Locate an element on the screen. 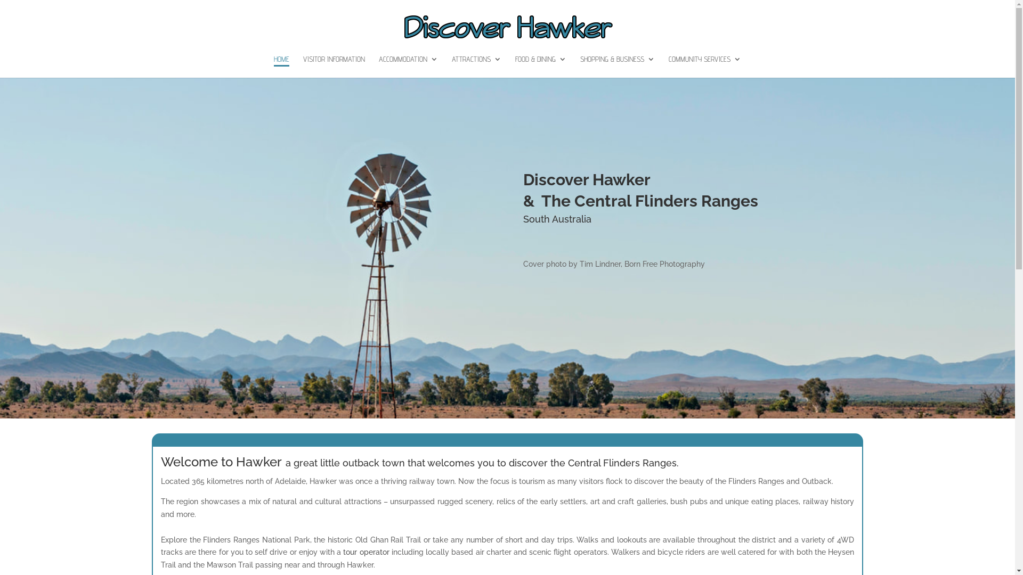 Image resolution: width=1023 pixels, height=575 pixels. 'COMMUNITY SERVICES' is located at coordinates (668, 66).